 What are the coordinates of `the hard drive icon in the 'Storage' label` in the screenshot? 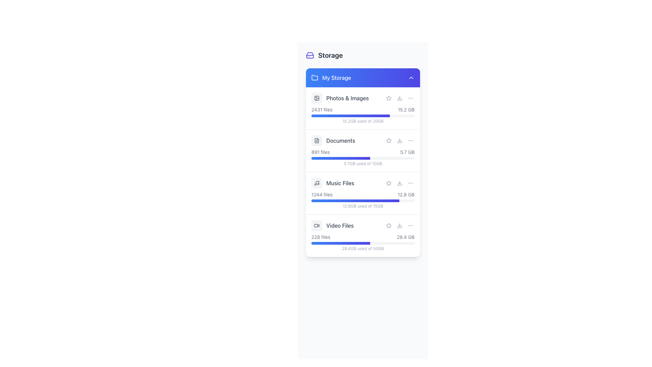 It's located at (324, 55).